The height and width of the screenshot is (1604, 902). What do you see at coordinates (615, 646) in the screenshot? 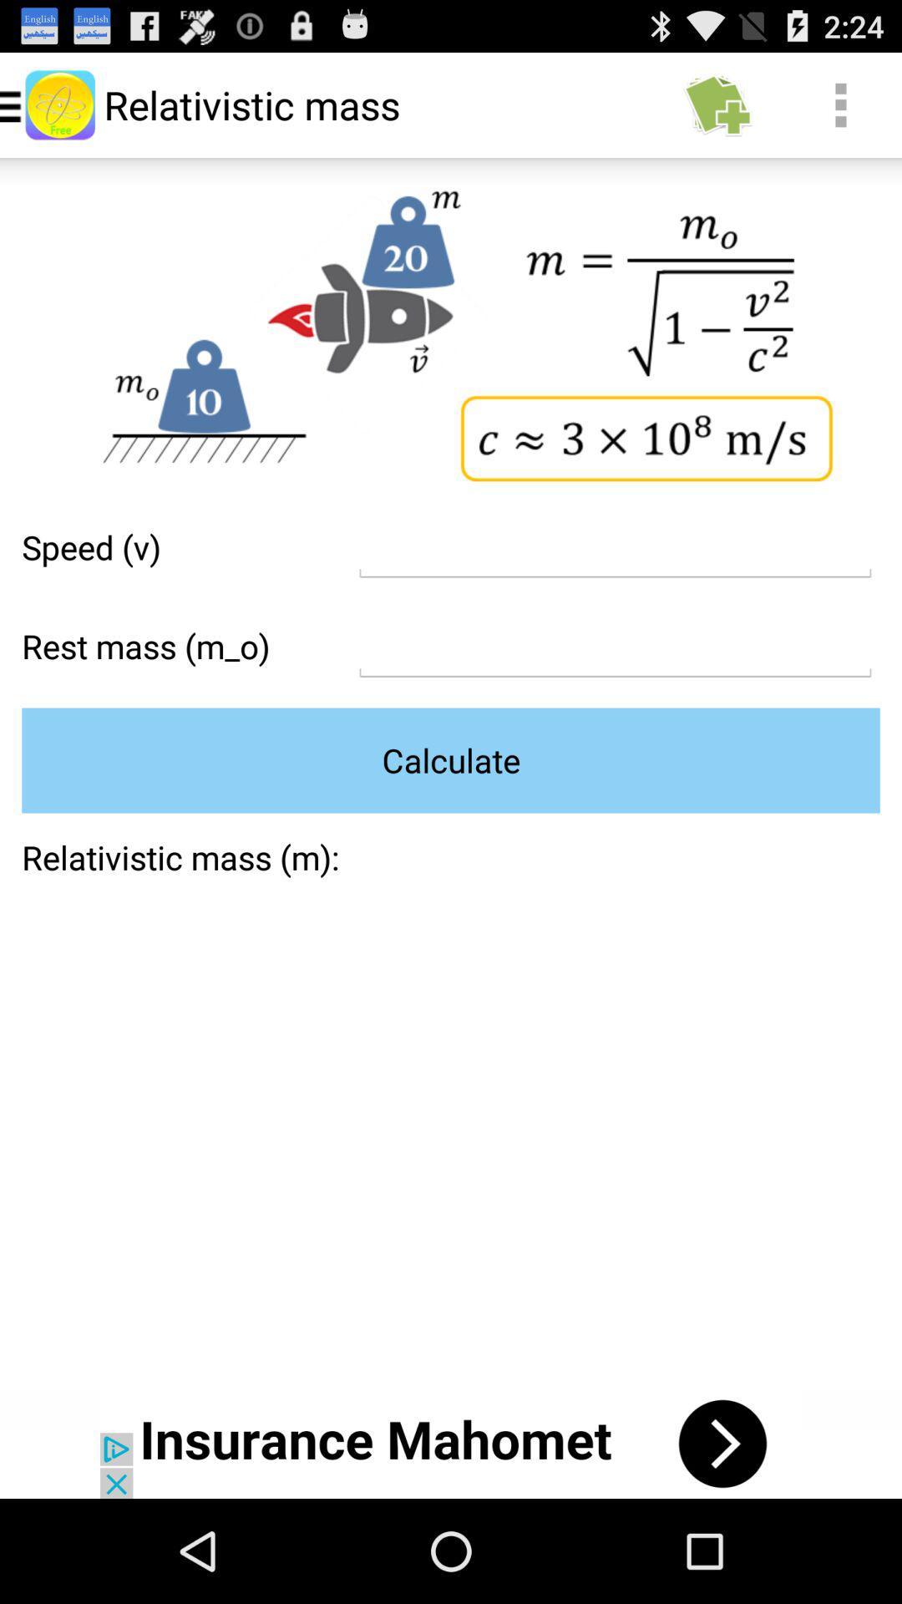
I see `formula page` at bounding box center [615, 646].